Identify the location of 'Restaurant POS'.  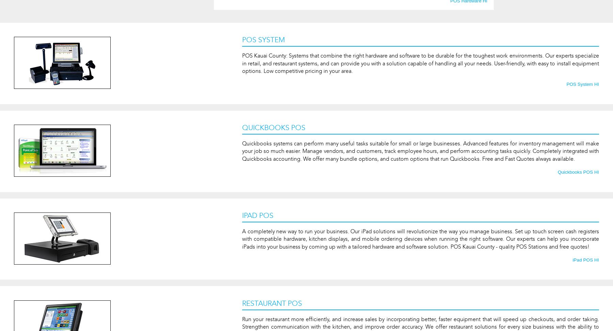
(242, 303).